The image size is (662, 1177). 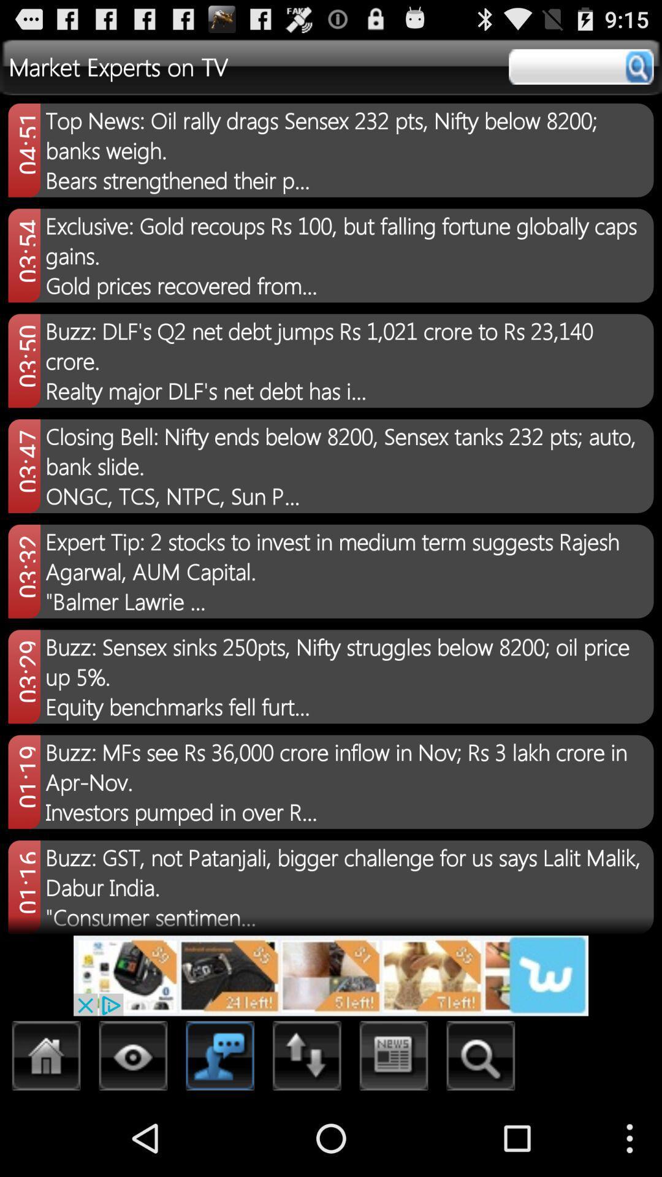 I want to click on reverse it, so click(x=306, y=1059).